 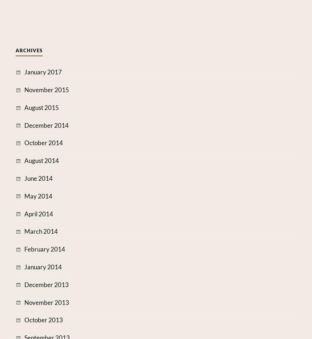 What do you see at coordinates (23, 125) in the screenshot?
I see `'December 2014'` at bounding box center [23, 125].